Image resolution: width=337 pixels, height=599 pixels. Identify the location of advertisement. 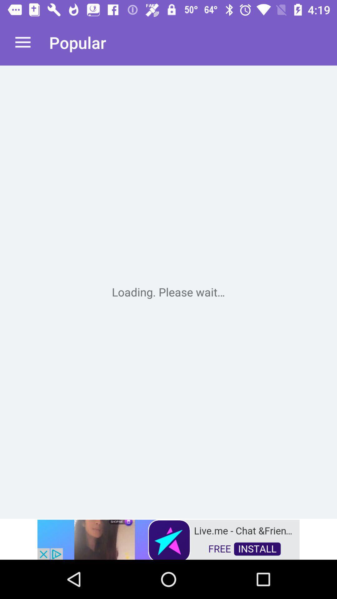
(168, 539).